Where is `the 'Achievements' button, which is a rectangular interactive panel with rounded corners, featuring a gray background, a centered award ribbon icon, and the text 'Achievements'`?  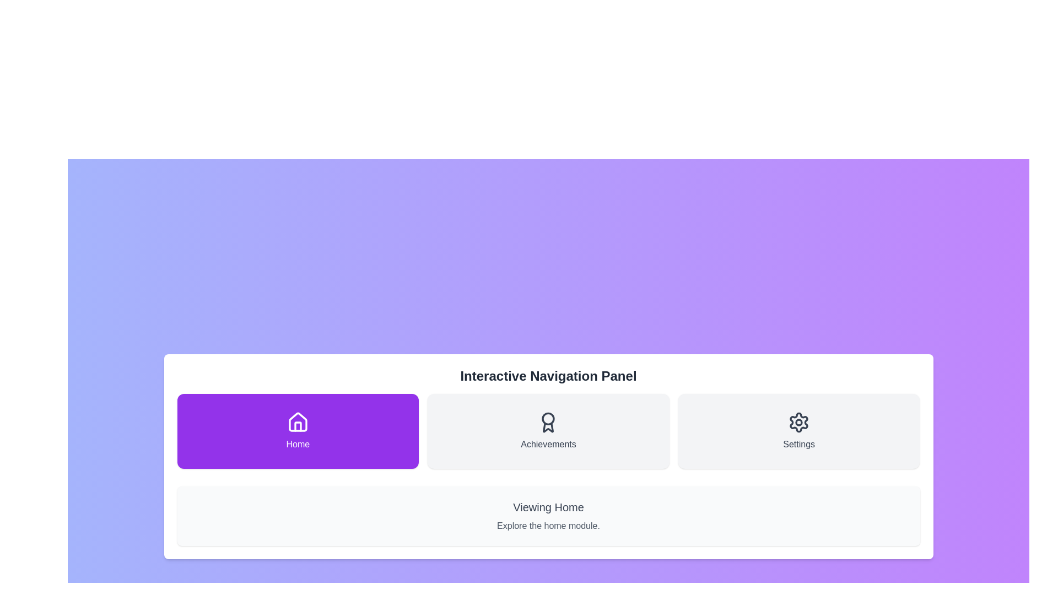
the 'Achievements' button, which is a rectangular interactive panel with rounded corners, featuring a gray background, a centered award ribbon icon, and the text 'Achievements' is located at coordinates (548, 431).